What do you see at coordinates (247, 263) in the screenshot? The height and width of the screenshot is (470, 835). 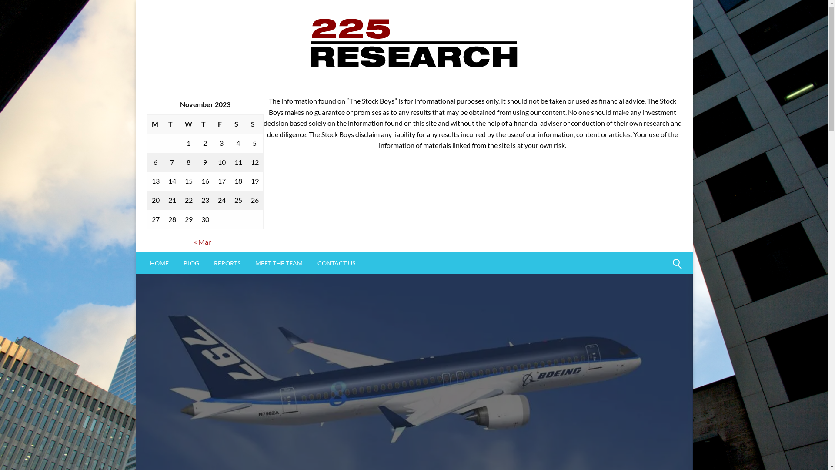 I see `'MEET THE TEAM'` at bounding box center [247, 263].